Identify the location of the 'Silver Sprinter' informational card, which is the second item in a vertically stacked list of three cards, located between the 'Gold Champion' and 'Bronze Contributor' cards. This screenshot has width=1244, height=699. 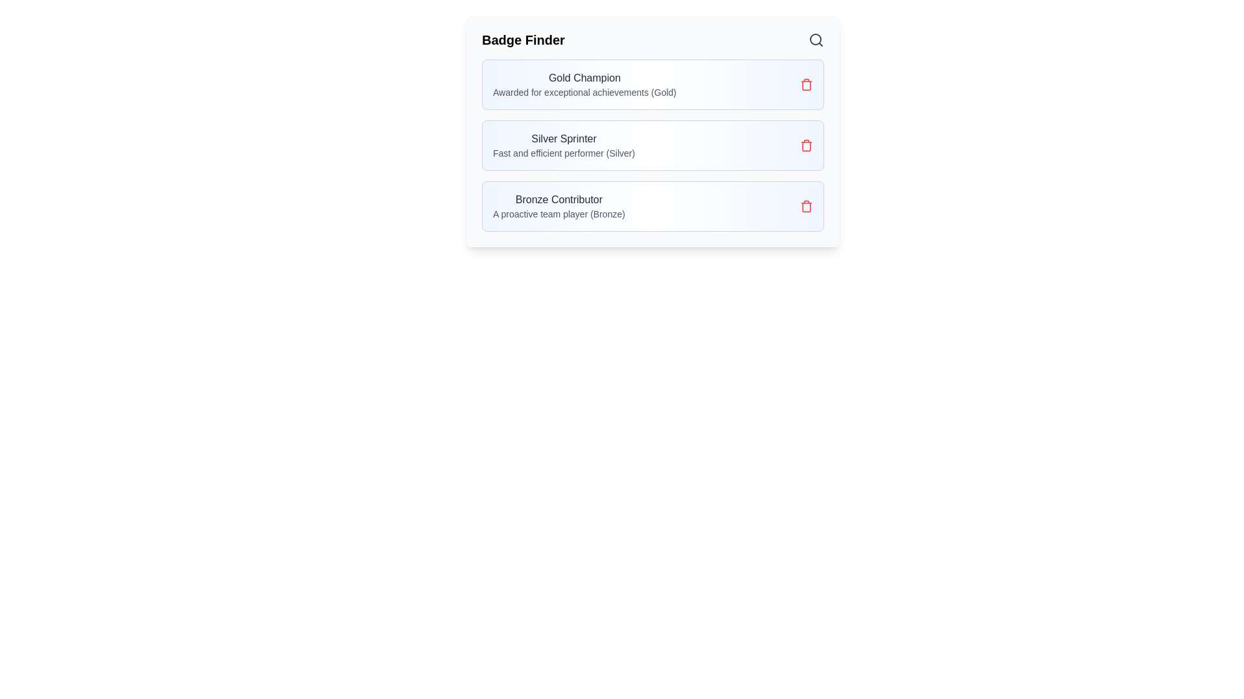
(653, 145).